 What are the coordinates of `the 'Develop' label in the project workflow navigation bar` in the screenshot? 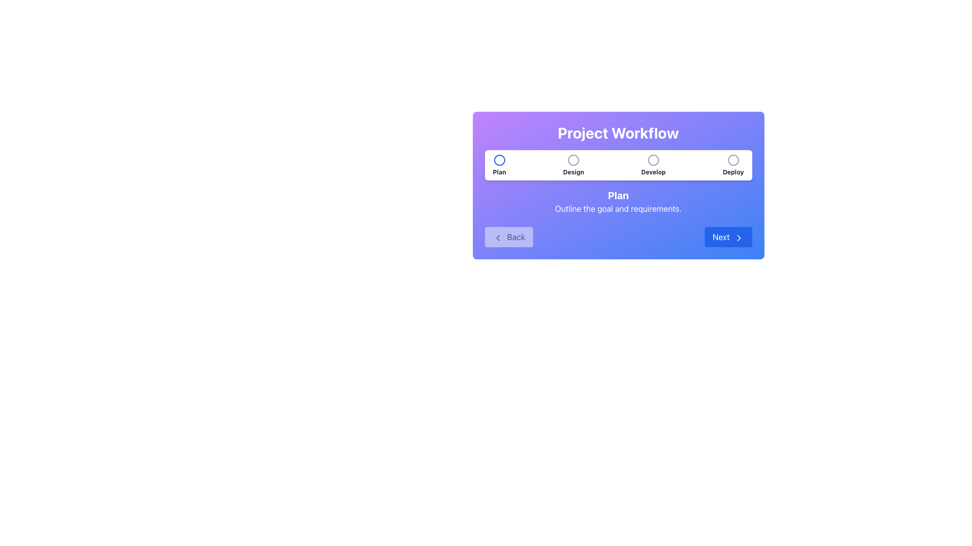 It's located at (653, 171).